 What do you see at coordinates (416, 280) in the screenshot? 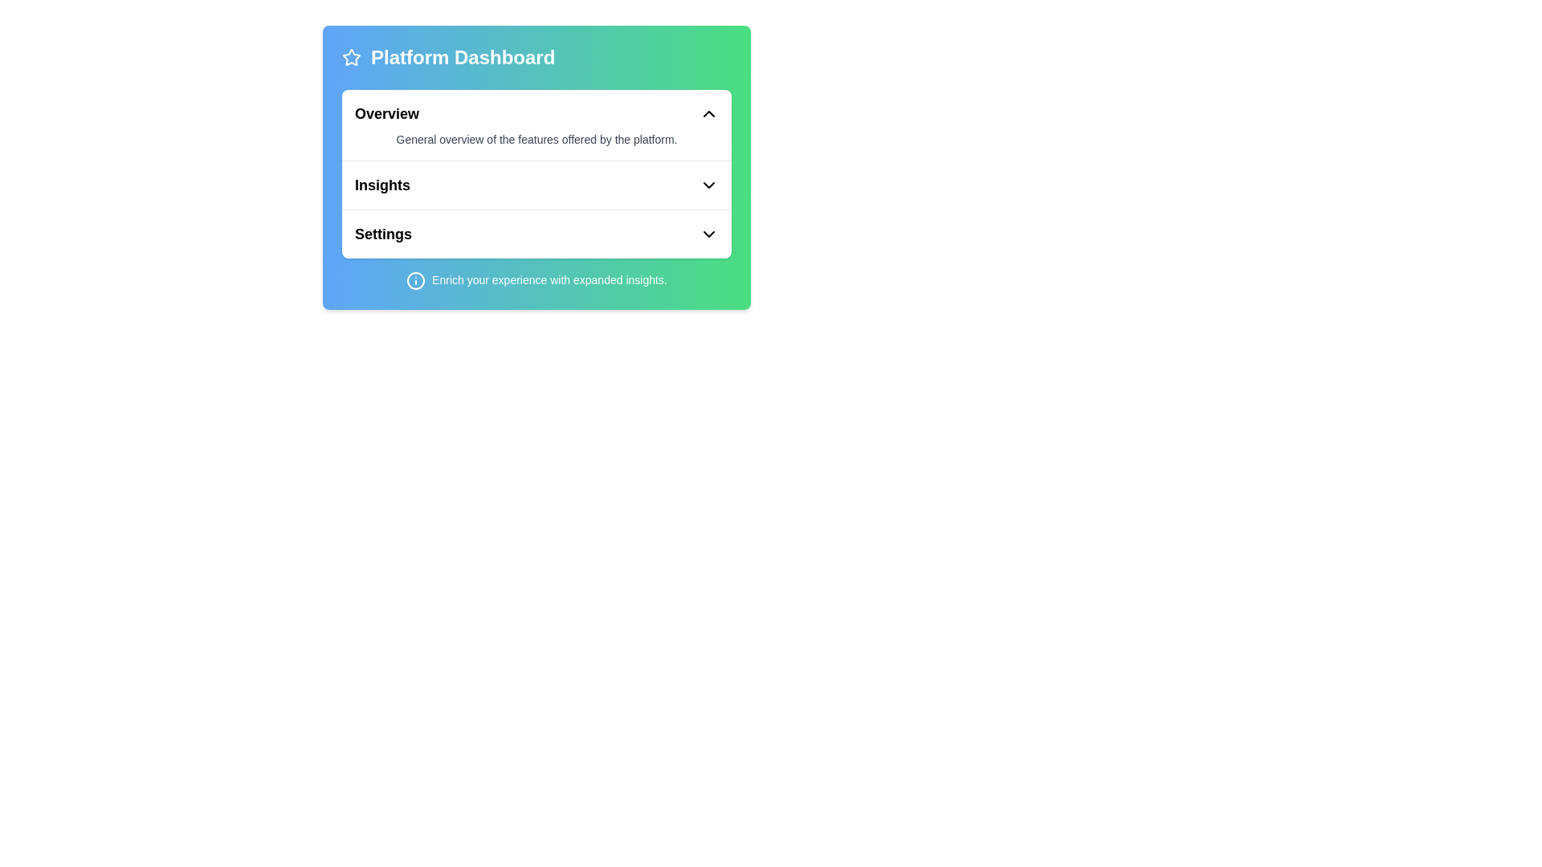
I see `the circular blue and white information icon located in the bottom section of the 'Platform Dashboard' card, which is next to the text 'Enrich your experience with expanded insights.'` at bounding box center [416, 280].